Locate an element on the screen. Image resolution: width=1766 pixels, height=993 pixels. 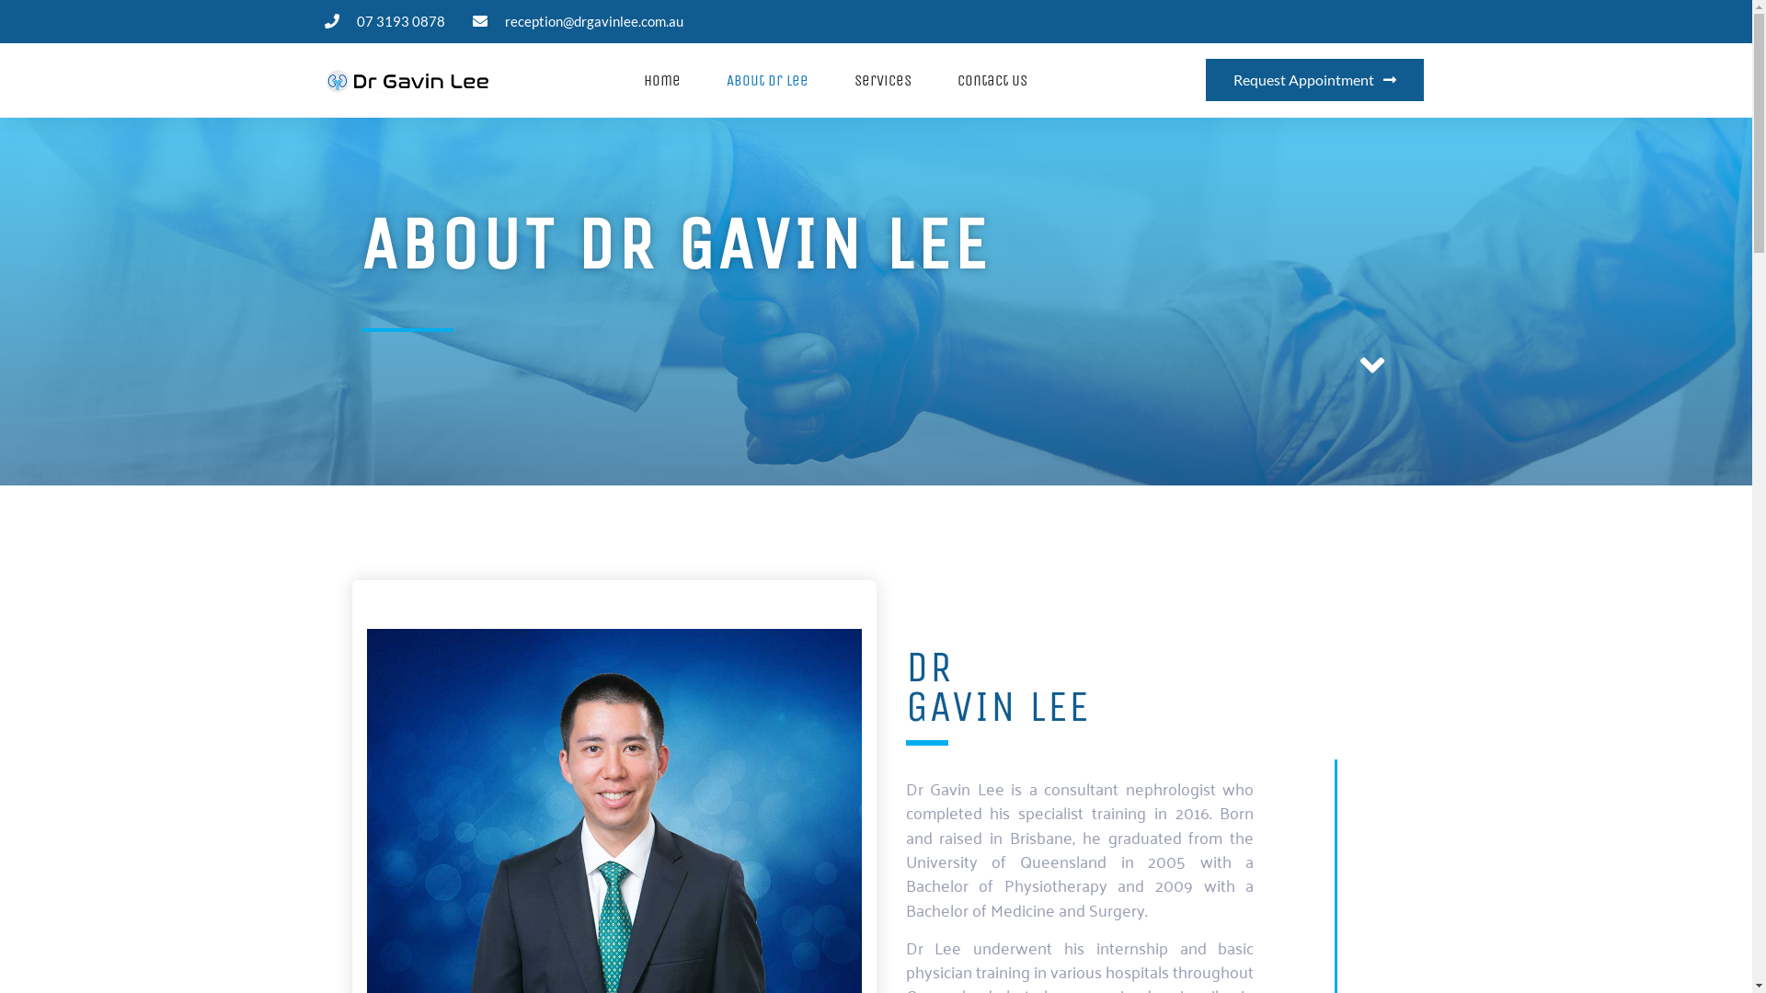
'Request Appointment' is located at coordinates (1313, 79).